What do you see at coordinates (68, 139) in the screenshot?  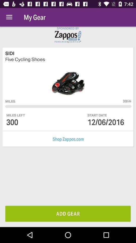 I see `the shop zappos.com icon` at bounding box center [68, 139].